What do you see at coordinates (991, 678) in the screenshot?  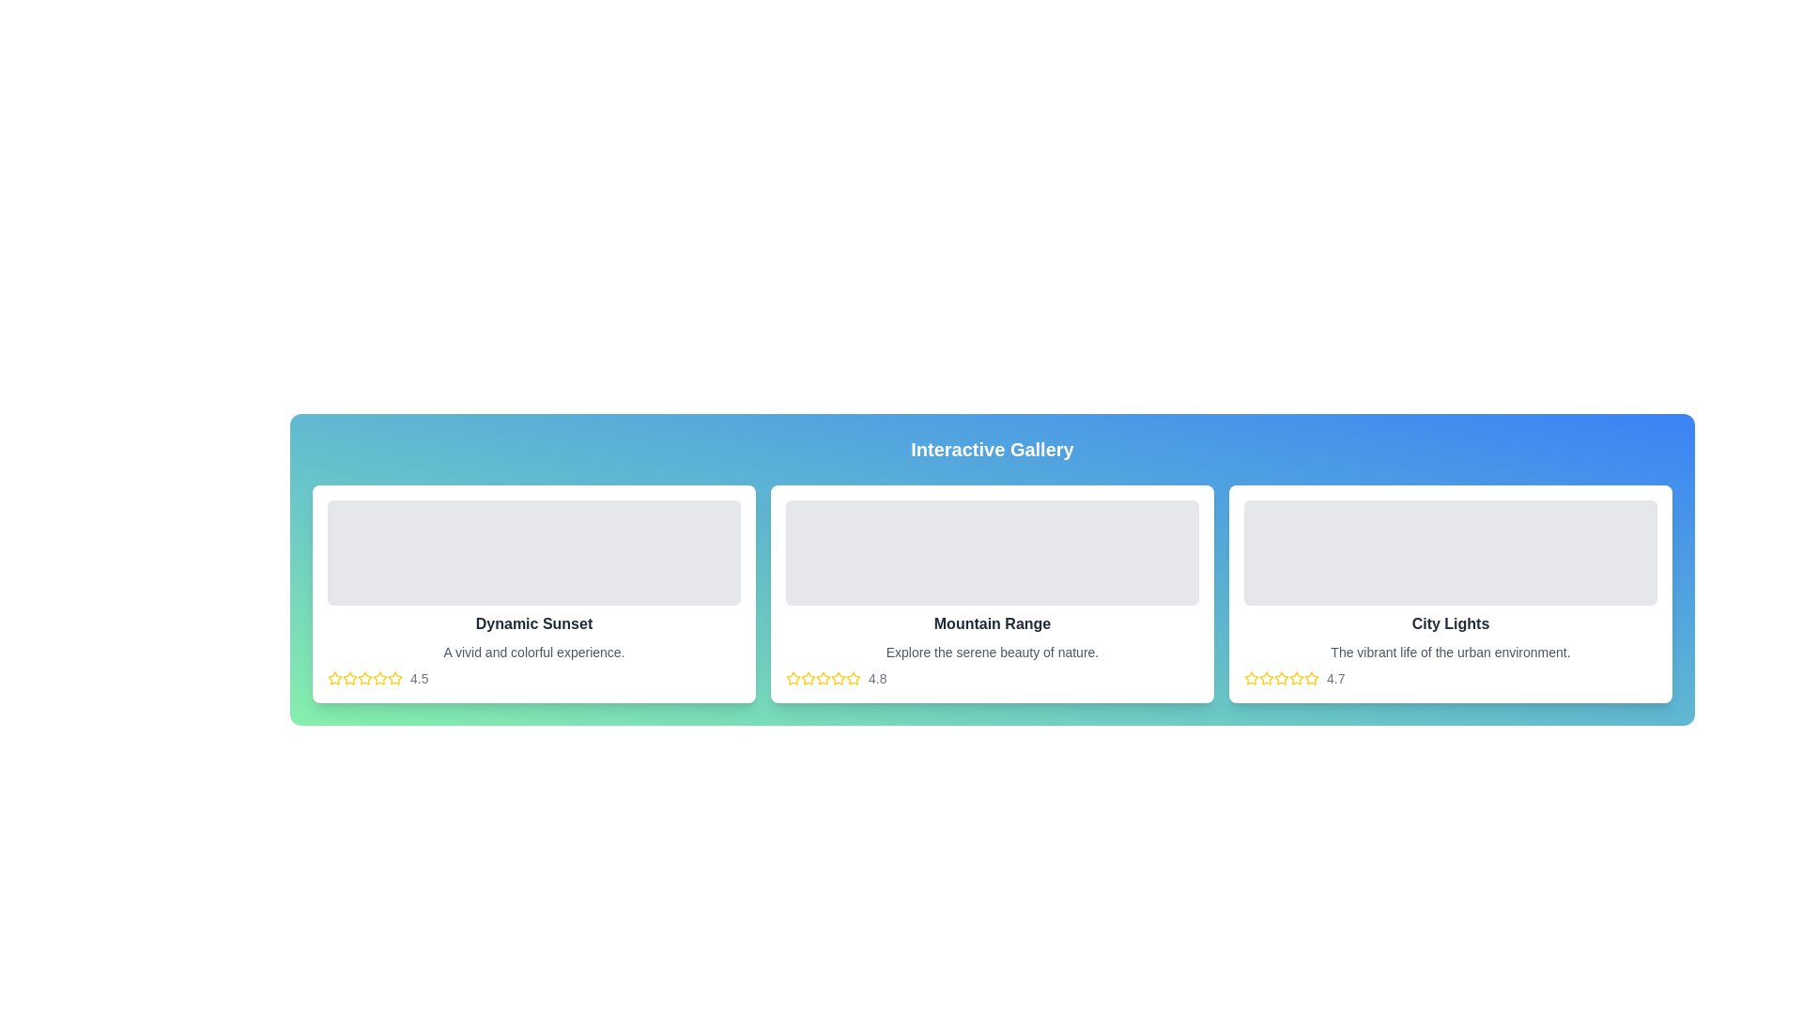 I see `the yellow star rating display that shows a rating of '4.8' located in the lower section of the 'Mountain Range' card` at bounding box center [991, 678].